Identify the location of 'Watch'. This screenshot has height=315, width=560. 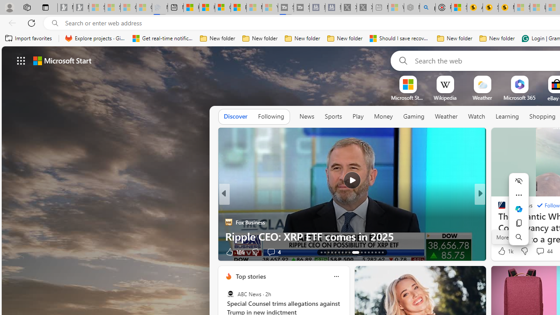
(476, 116).